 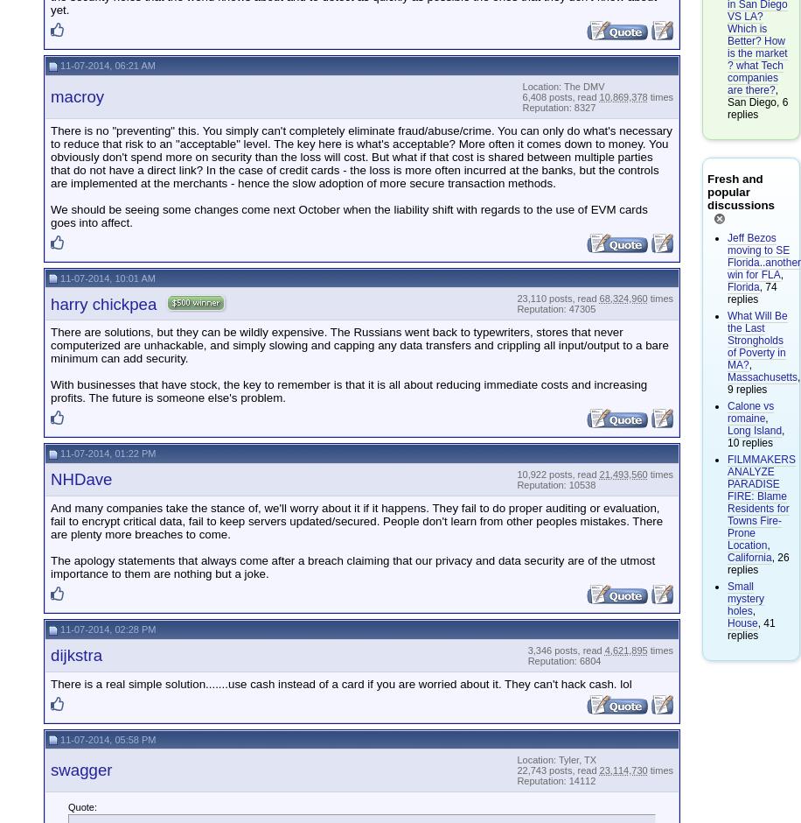 What do you see at coordinates (751, 628) in the screenshot?
I see `', 41 replies'` at bounding box center [751, 628].